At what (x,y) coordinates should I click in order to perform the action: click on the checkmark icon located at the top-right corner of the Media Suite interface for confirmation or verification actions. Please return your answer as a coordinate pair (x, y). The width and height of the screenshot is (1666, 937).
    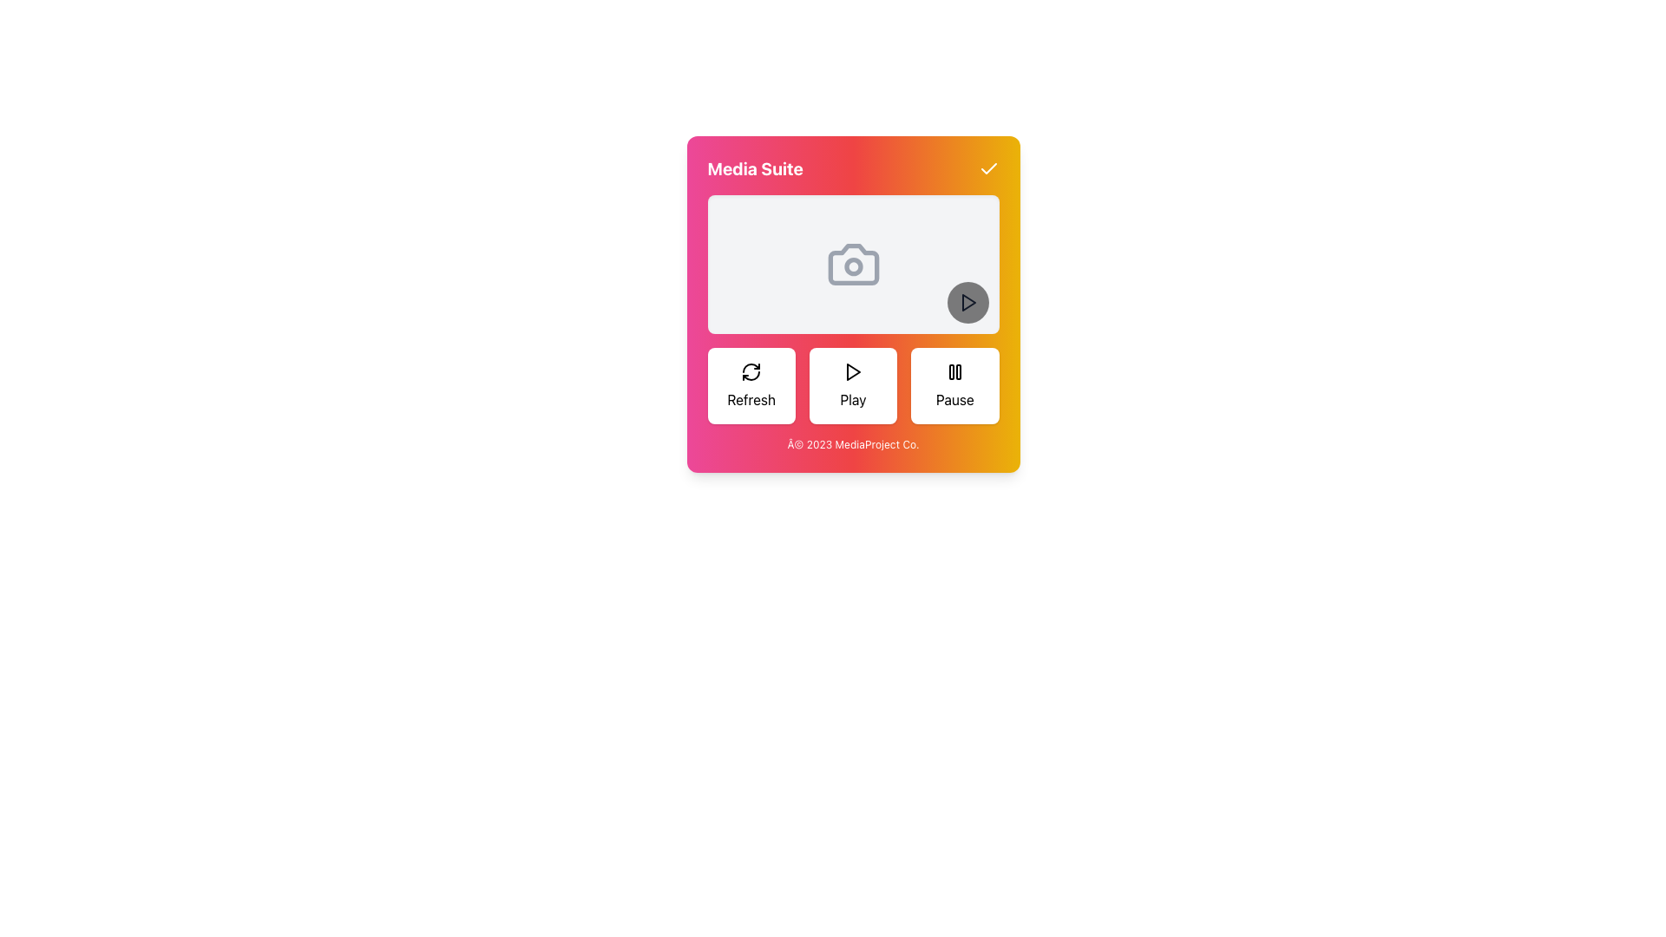
    Looking at the image, I should click on (988, 169).